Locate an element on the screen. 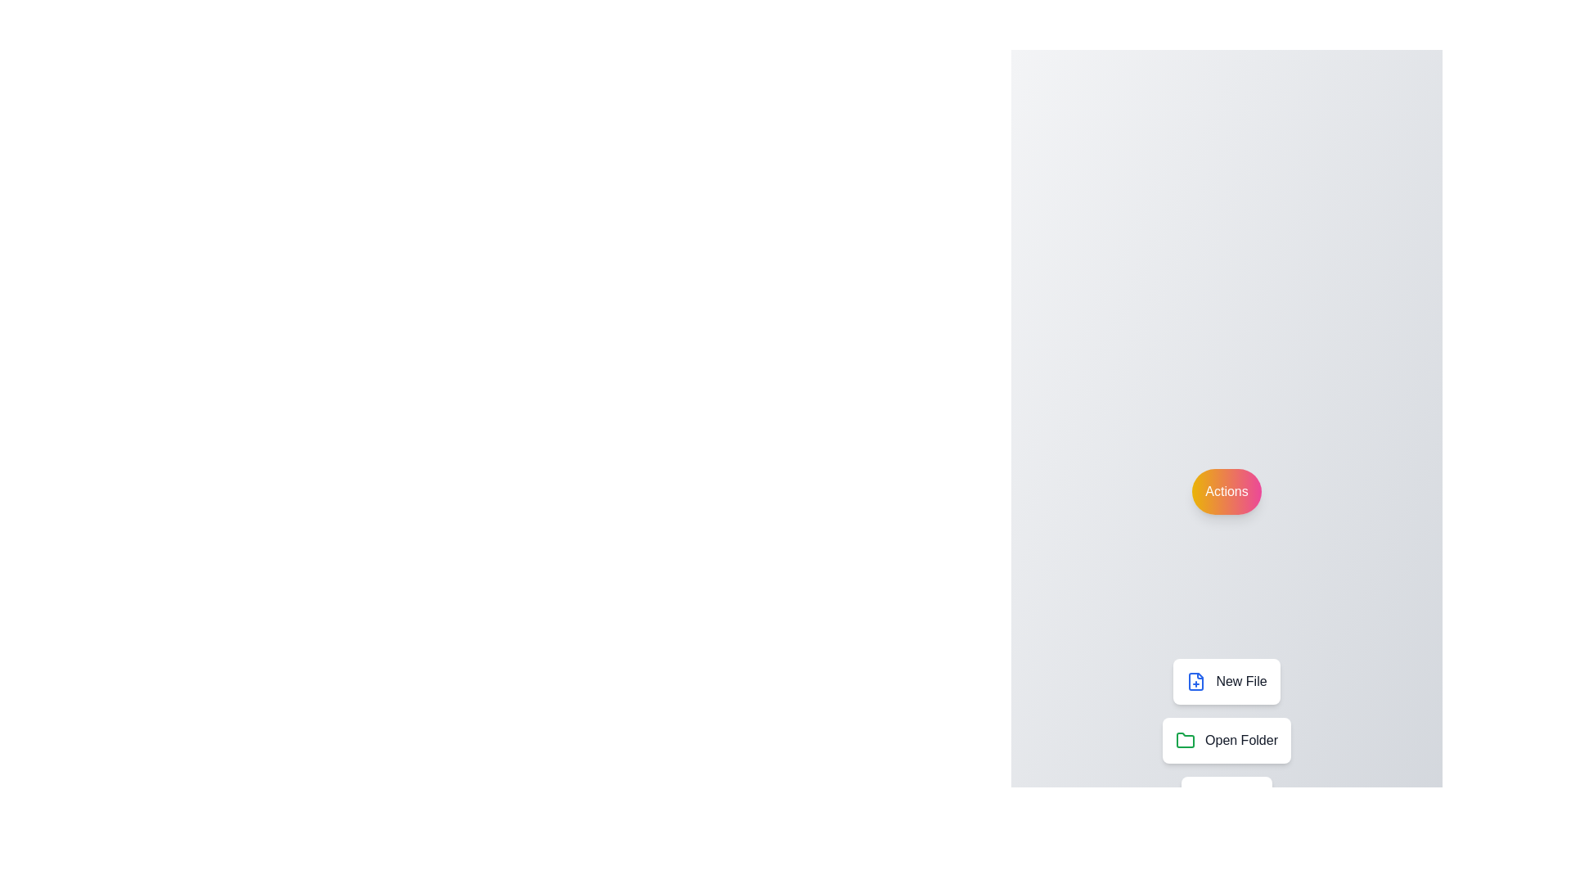  'Actions' button to toggle the menu visibility is located at coordinates (1227, 491).